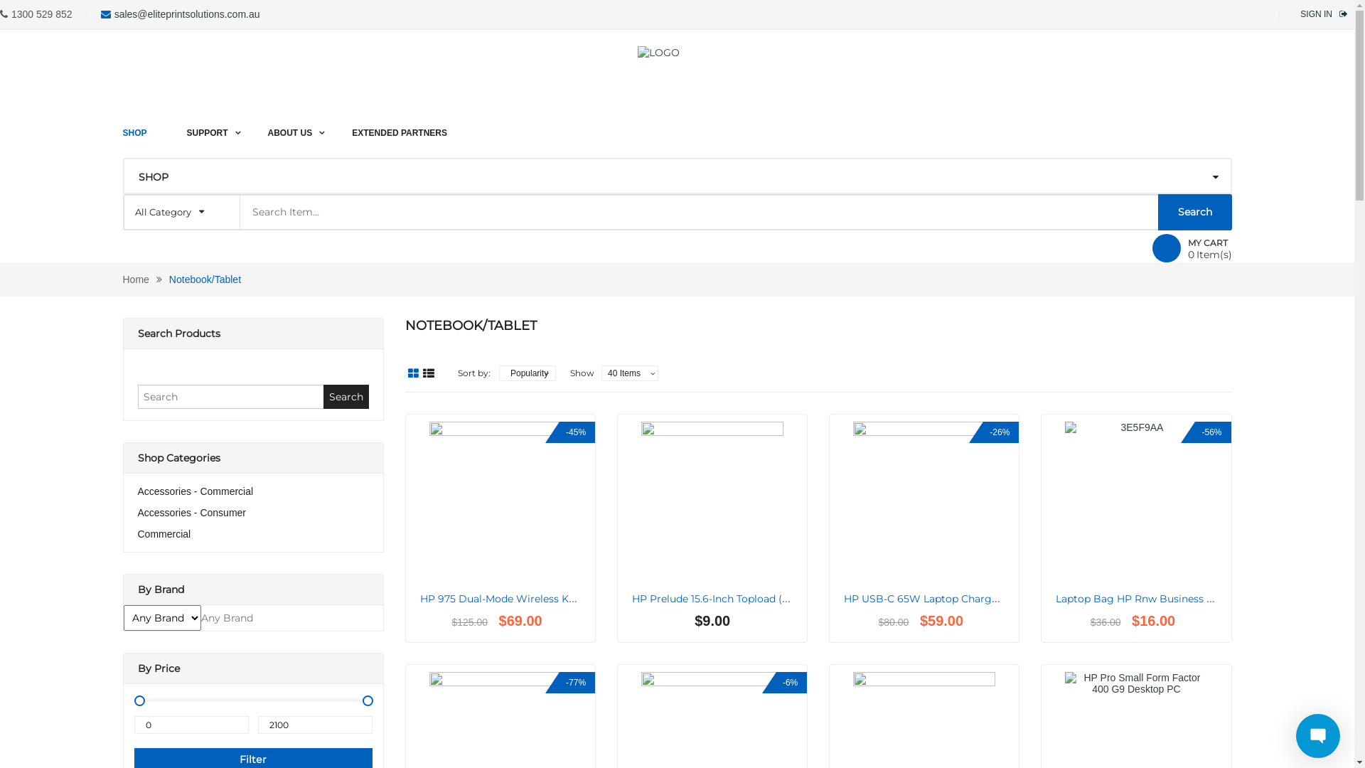  What do you see at coordinates (601, 372) in the screenshot?
I see `'40 Items'` at bounding box center [601, 372].